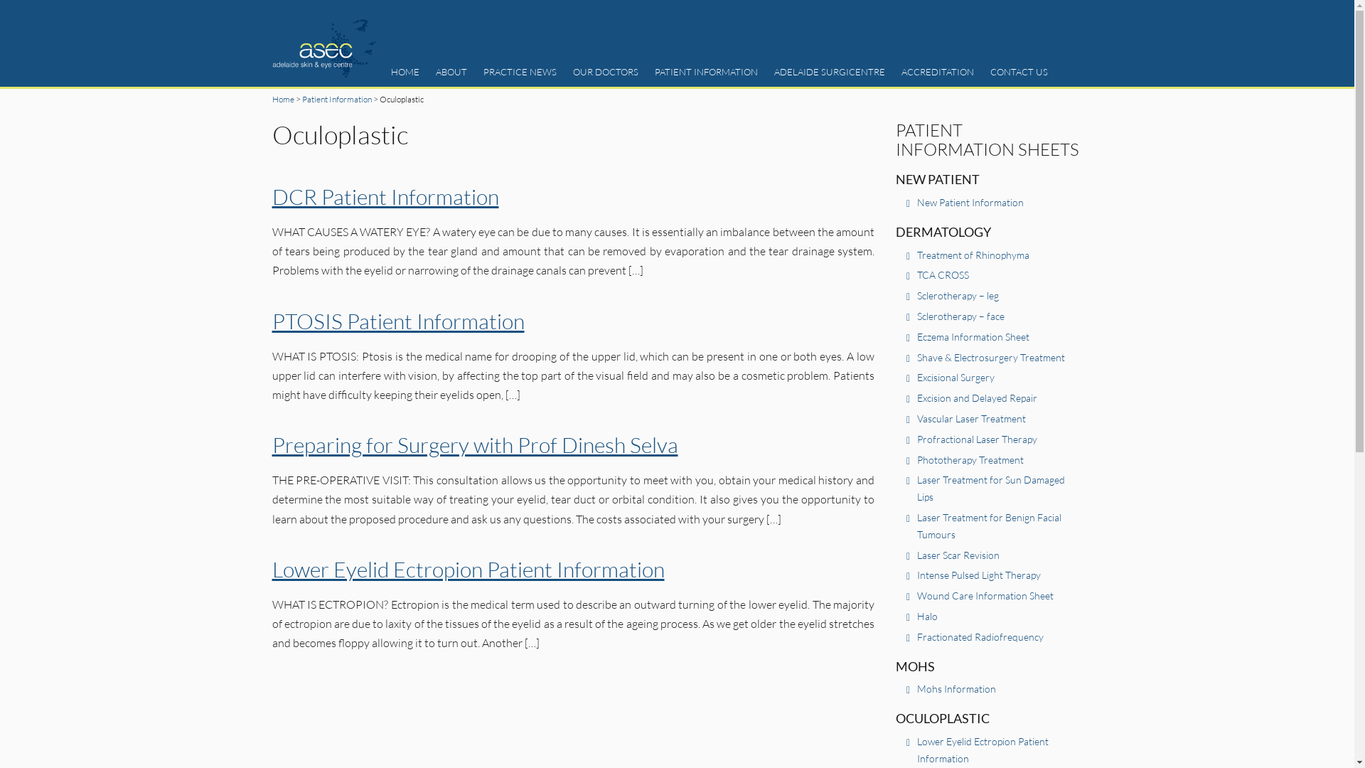 The image size is (1365, 768). What do you see at coordinates (282, 98) in the screenshot?
I see `'Home'` at bounding box center [282, 98].